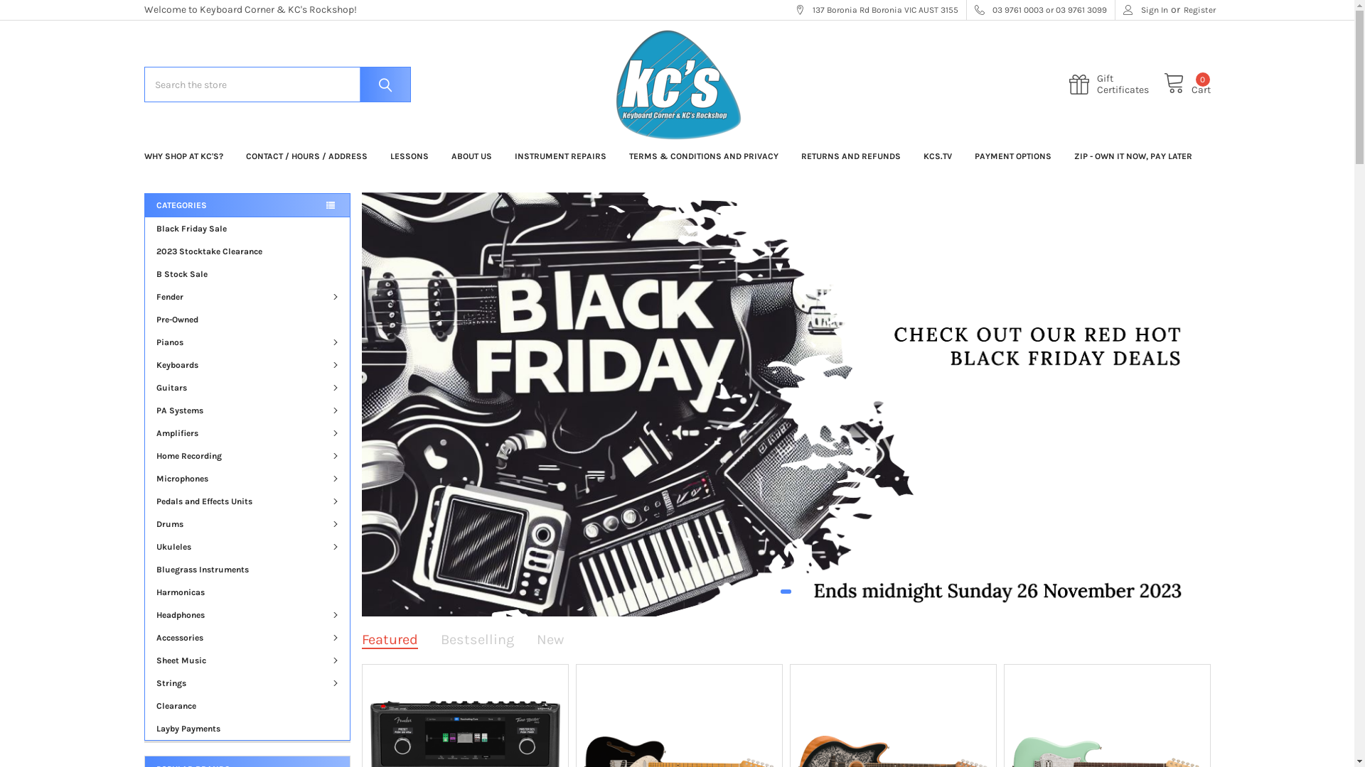 The width and height of the screenshot is (1365, 767). Describe the element at coordinates (247, 500) in the screenshot. I see `'Pedals and Effects Units'` at that location.